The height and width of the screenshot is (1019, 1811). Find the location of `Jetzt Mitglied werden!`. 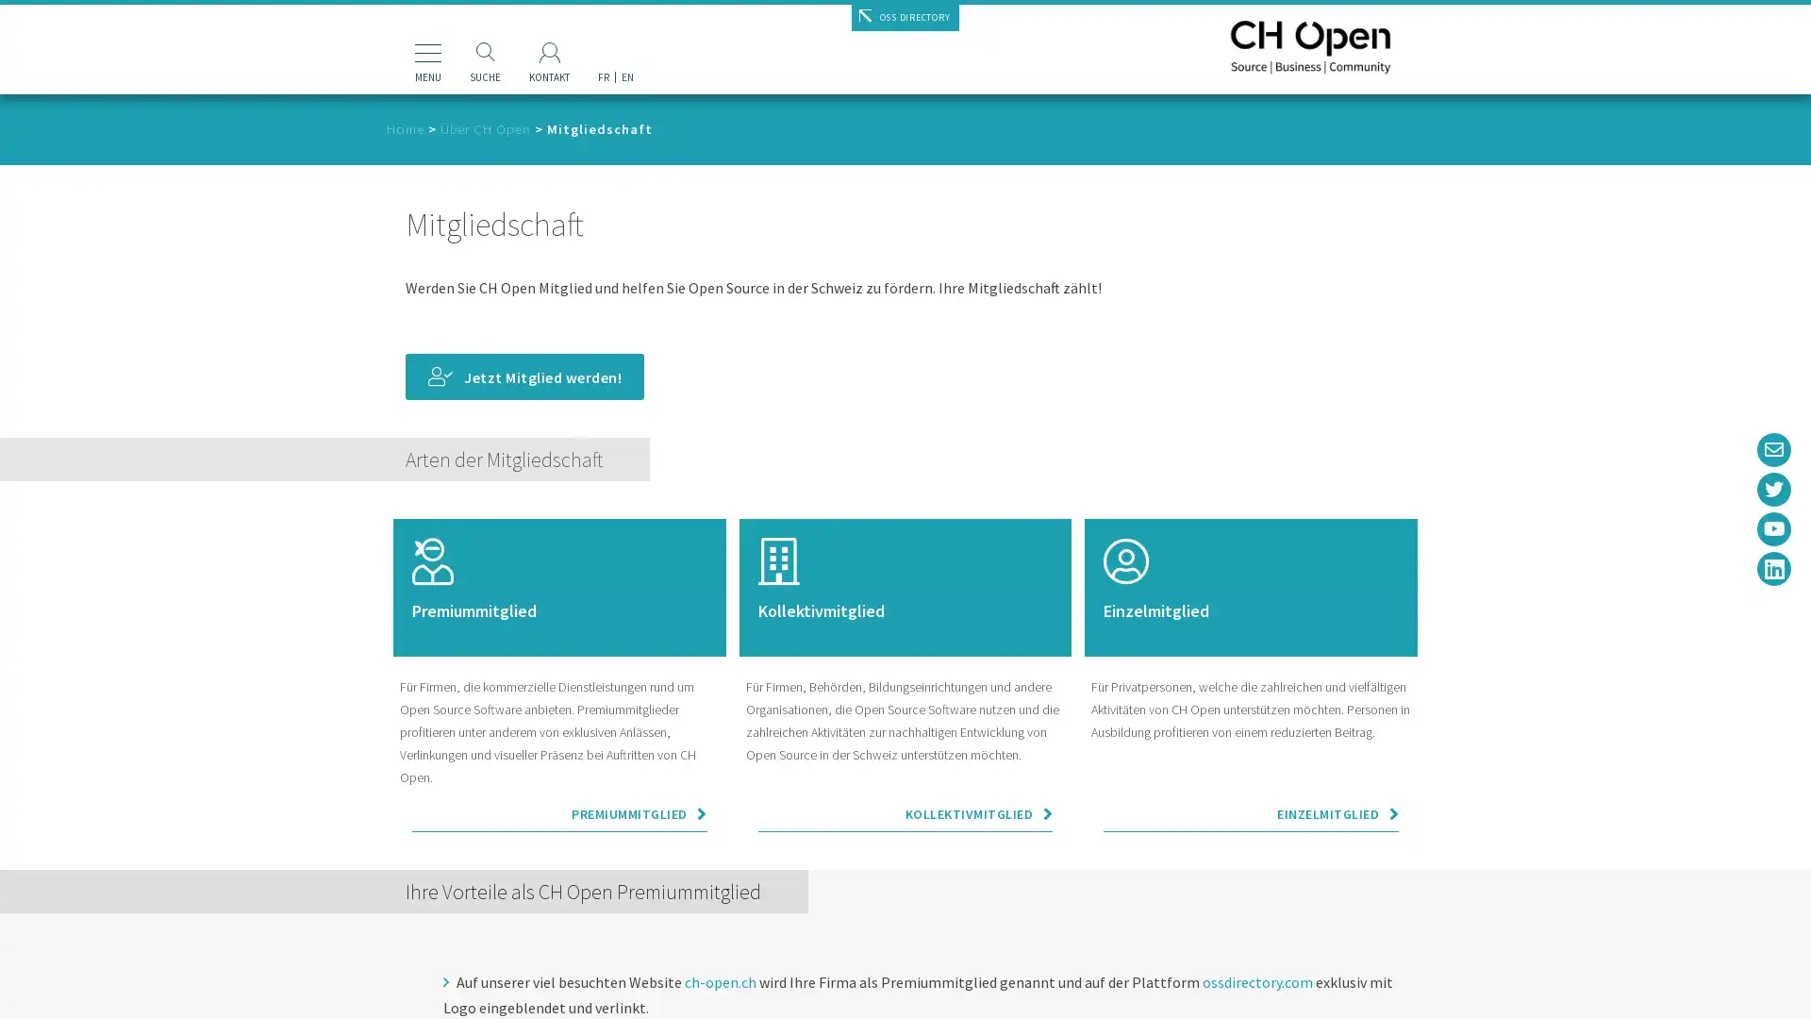

Jetzt Mitglied werden! is located at coordinates (524, 376).